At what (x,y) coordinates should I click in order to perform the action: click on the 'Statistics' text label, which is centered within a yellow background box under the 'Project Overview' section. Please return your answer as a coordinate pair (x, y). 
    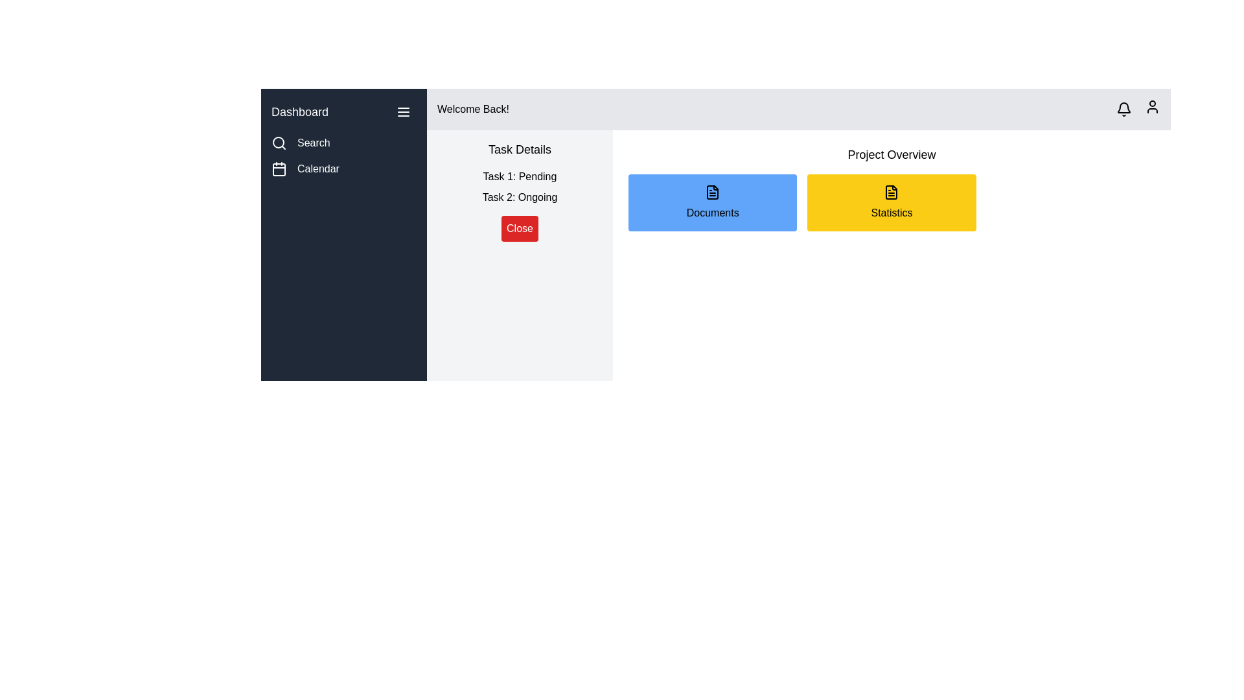
    Looking at the image, I should click on (891, 212).